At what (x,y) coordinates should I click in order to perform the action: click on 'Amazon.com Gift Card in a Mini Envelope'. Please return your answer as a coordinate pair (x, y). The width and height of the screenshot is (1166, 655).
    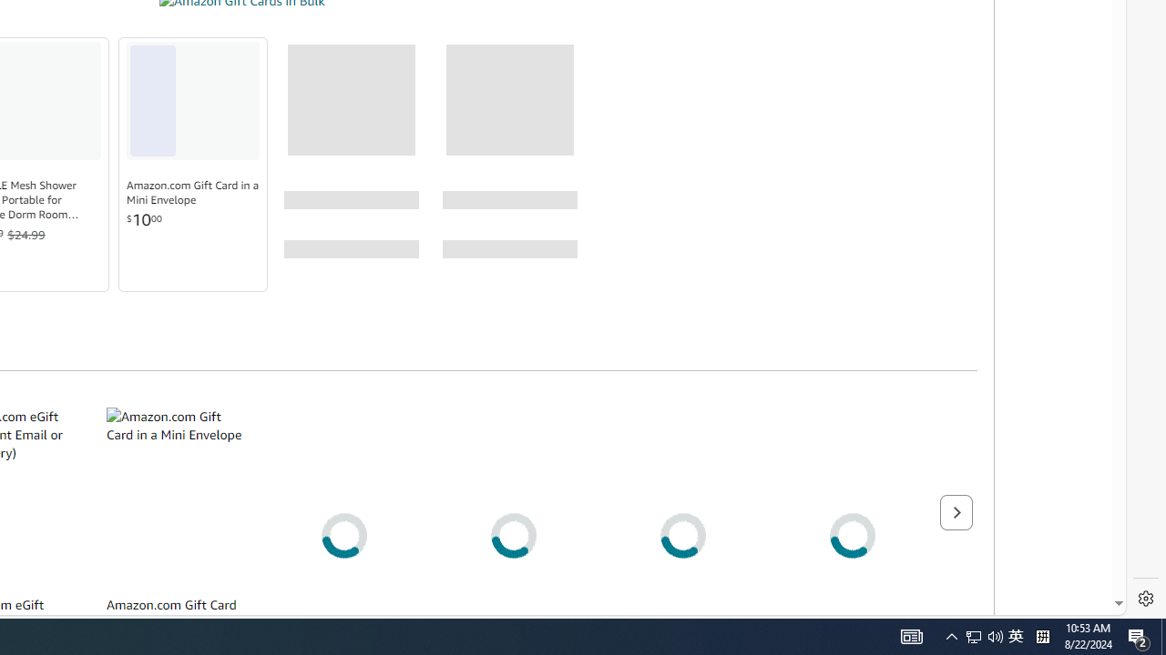
    Looking at the image, I should click on (193, 193).